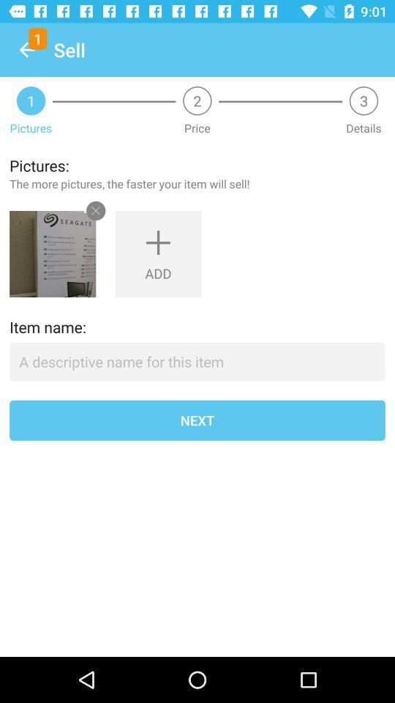 The width and height of the screenshot is (395, 703). What do you see at coordinates (197, 361) in the screenshot?
I see `a name to the item` at bounding box center [197, 361].